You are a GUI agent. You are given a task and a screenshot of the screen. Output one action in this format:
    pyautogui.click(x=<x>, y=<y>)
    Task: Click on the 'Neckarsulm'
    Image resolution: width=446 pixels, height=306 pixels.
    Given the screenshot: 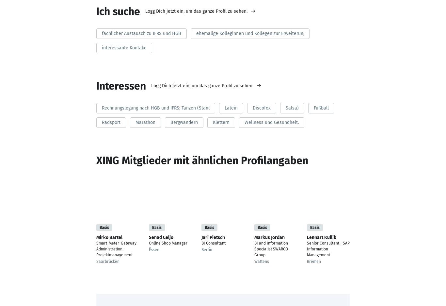 What is the action you would take?
    pyautogui.click(x=422, y=249)
    